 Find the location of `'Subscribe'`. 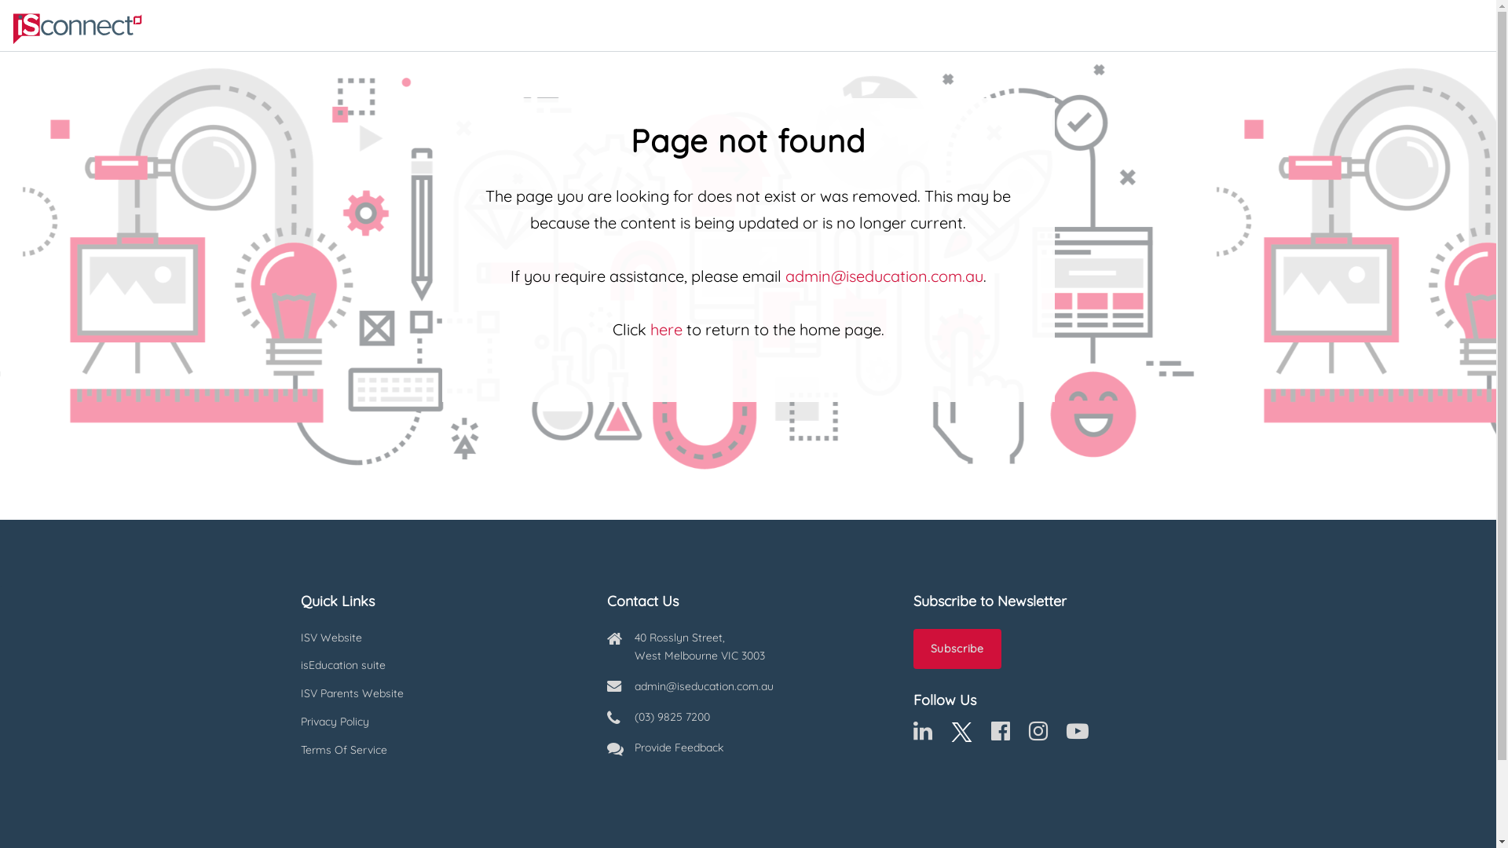

'Subscribe' is located at coordinates (956, 649).